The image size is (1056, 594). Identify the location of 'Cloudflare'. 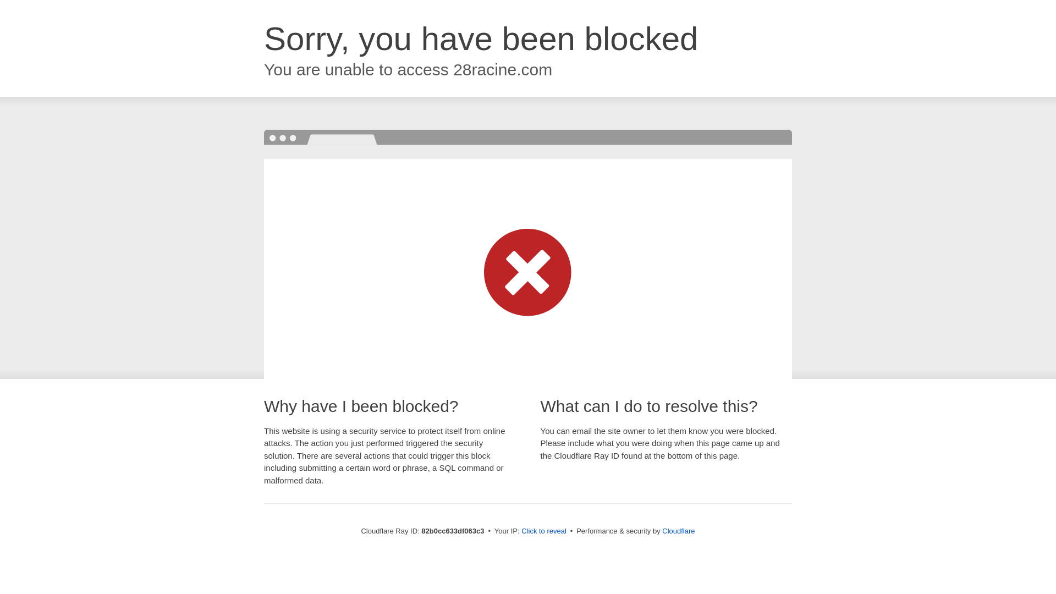
(662, 530).